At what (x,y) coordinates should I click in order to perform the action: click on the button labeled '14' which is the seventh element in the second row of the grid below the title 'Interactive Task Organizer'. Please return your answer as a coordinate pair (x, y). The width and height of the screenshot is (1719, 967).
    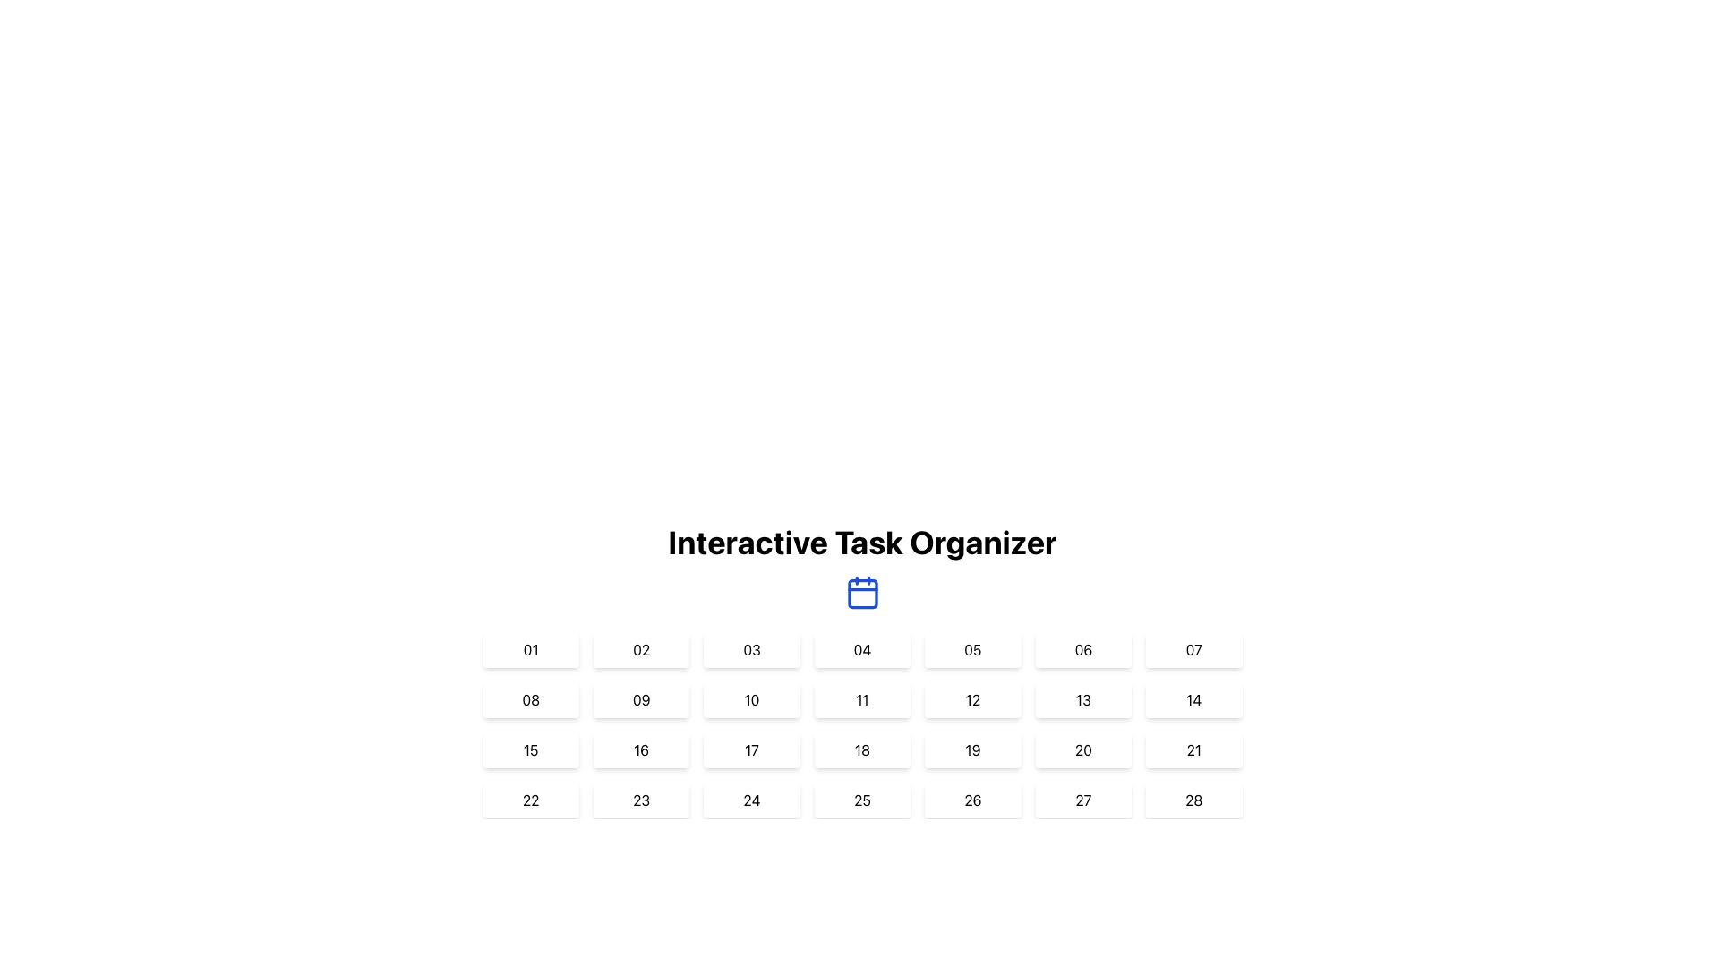
    Looking at the image, I should click on (1193, 699).